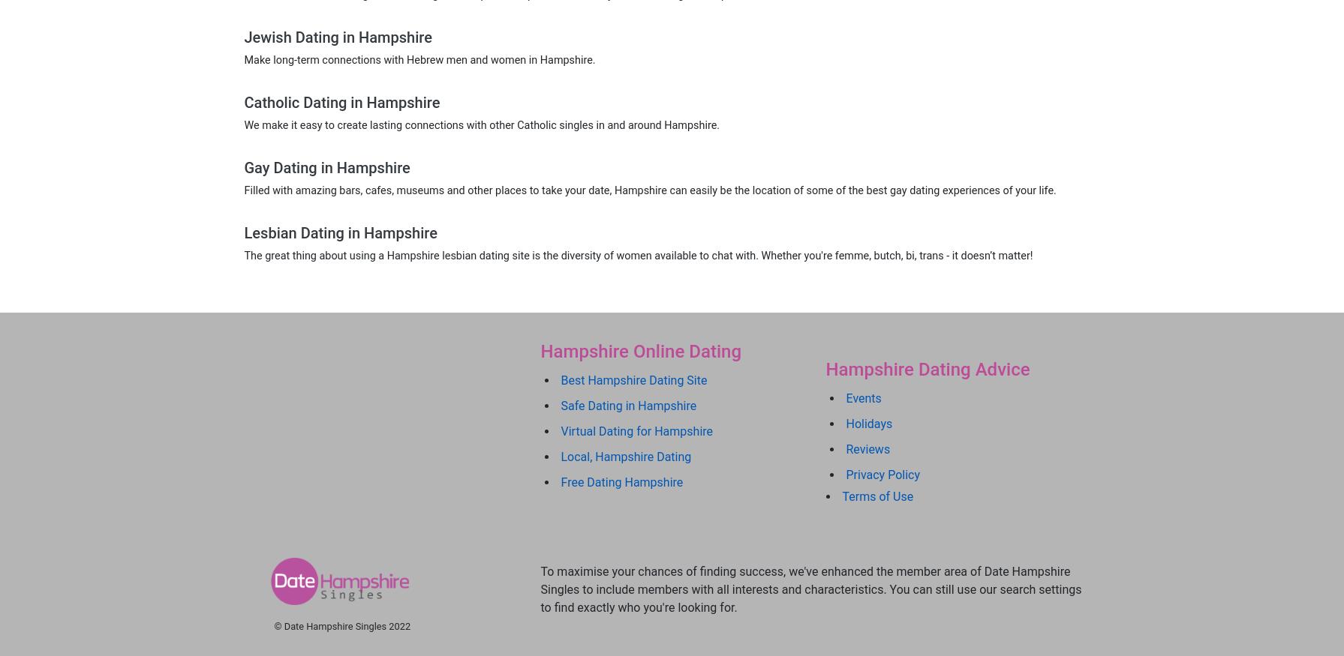  What do you see at coordinates (626, 457) in the screenshot?
I see `'Local, Hampshire Dating'` at bounding box center [626, 457].